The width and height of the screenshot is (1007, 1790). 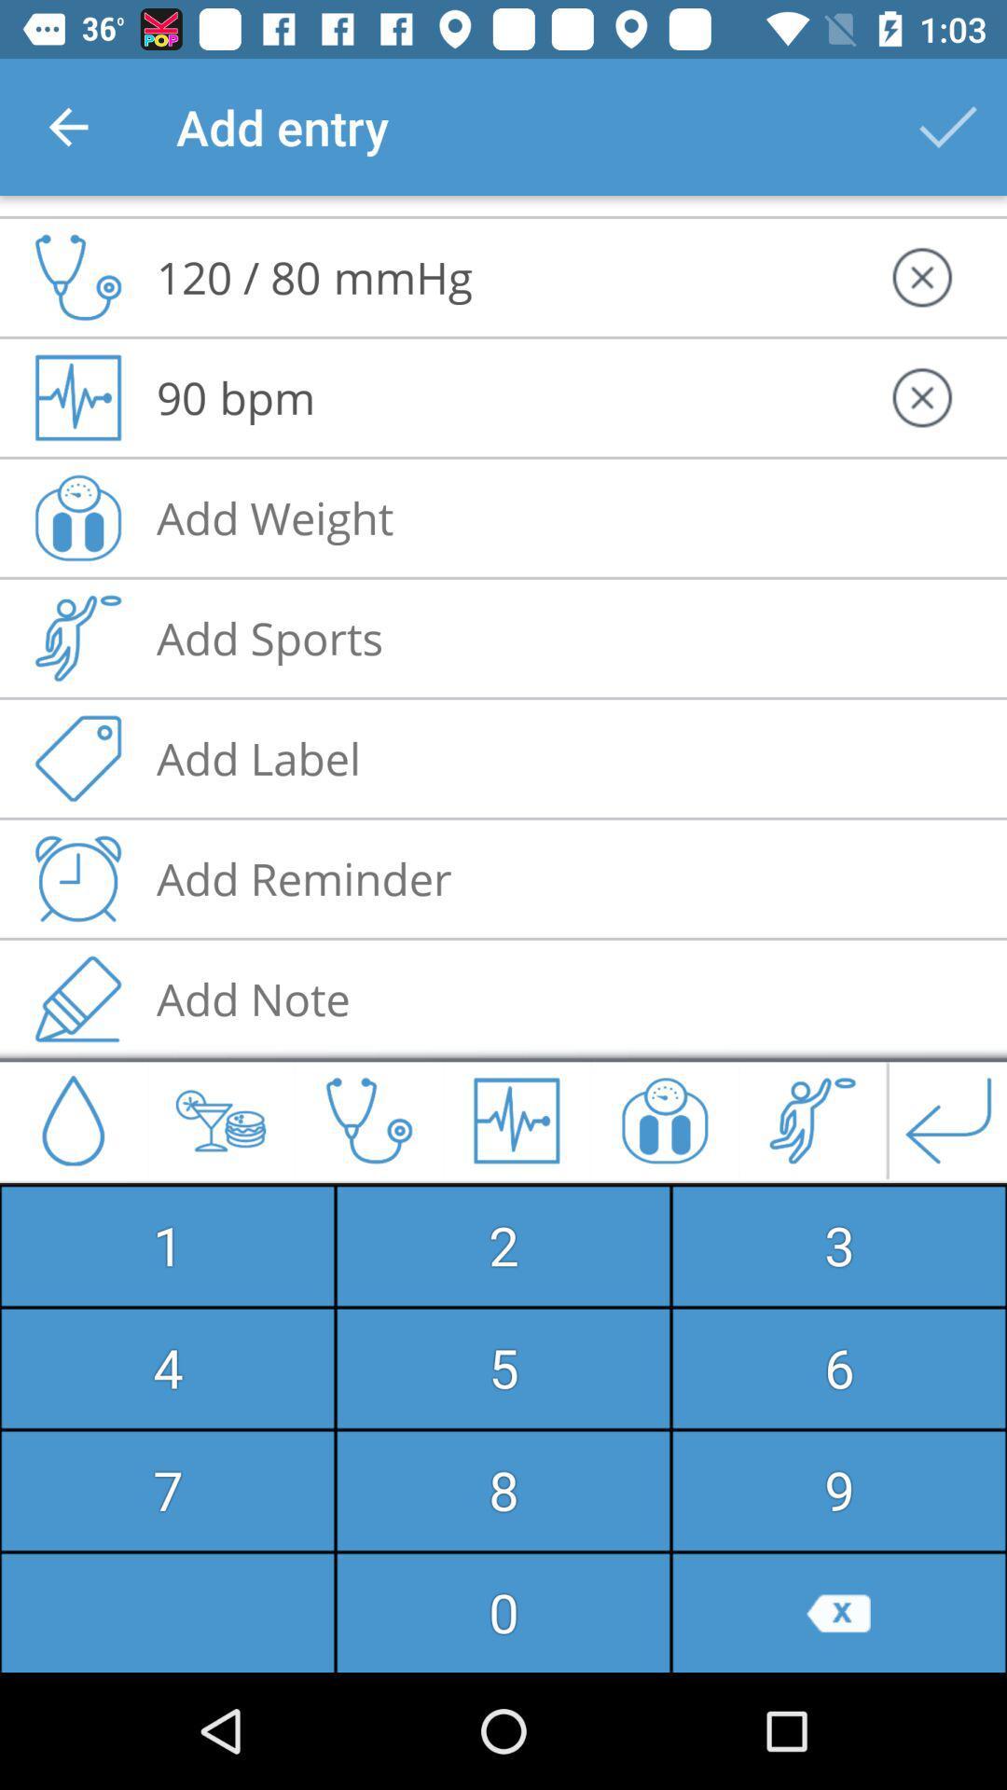 I want to click on the arrow_backward icon, so click(x=948, y=1120).